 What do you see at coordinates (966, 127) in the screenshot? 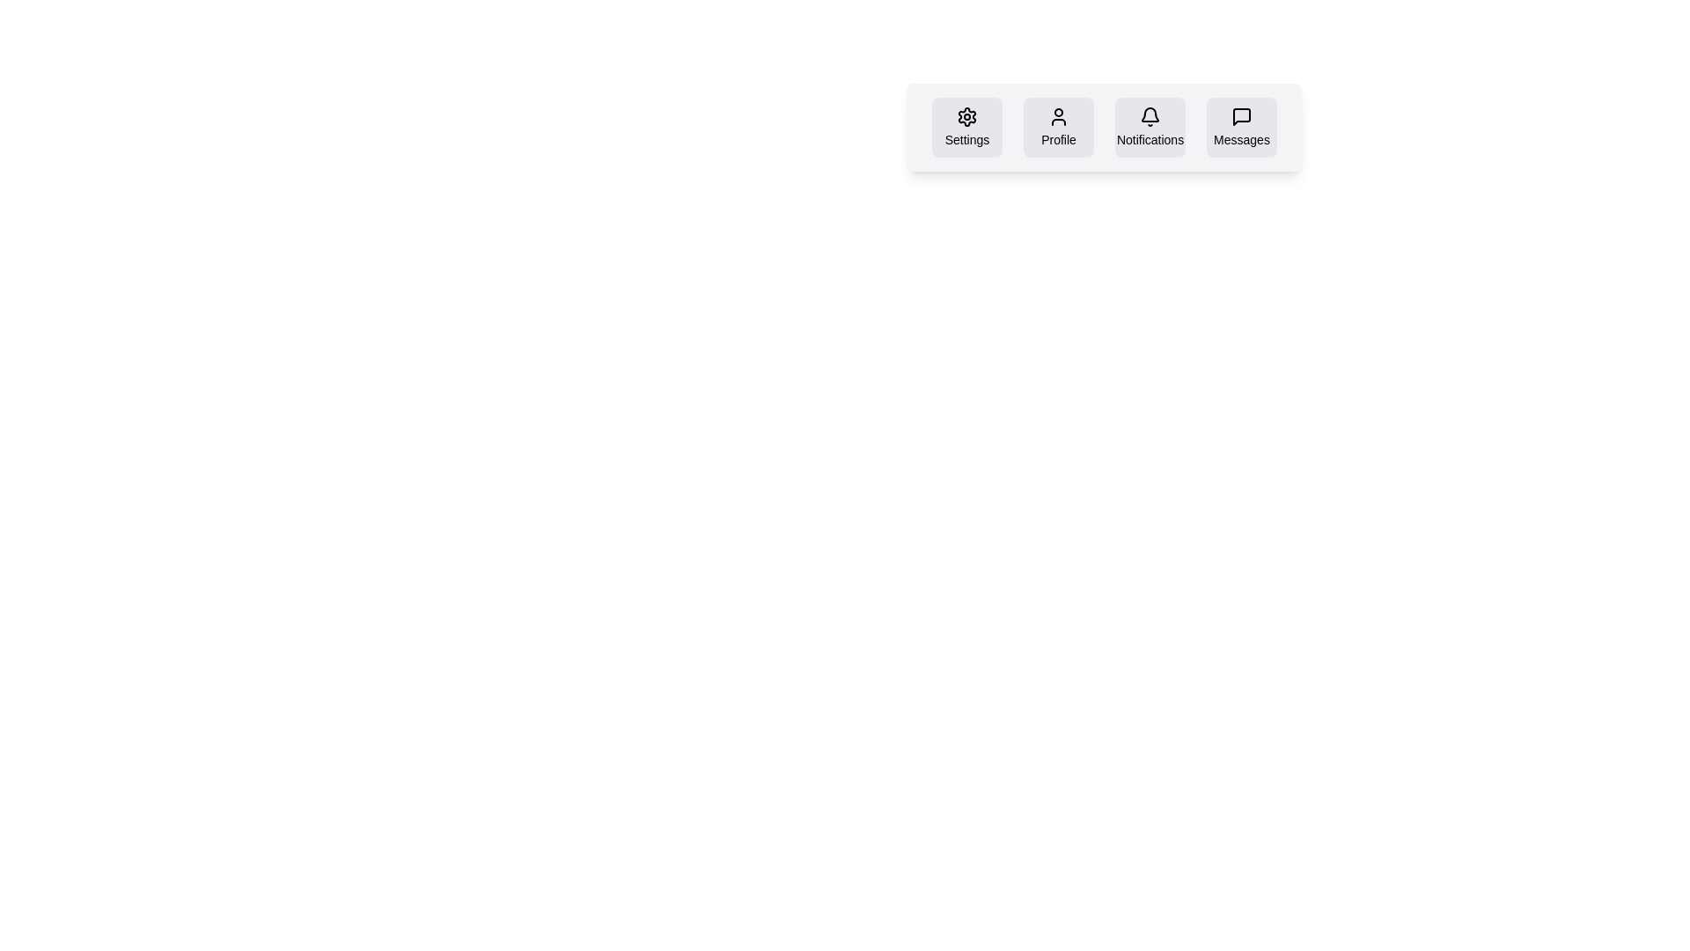
I see `the 'Settings' button, which is a light gray rectangular button with rounded corners, containing a gear icon and the label 'Settings', located in the top-right area of the interface` at bounding box center [966, 127].